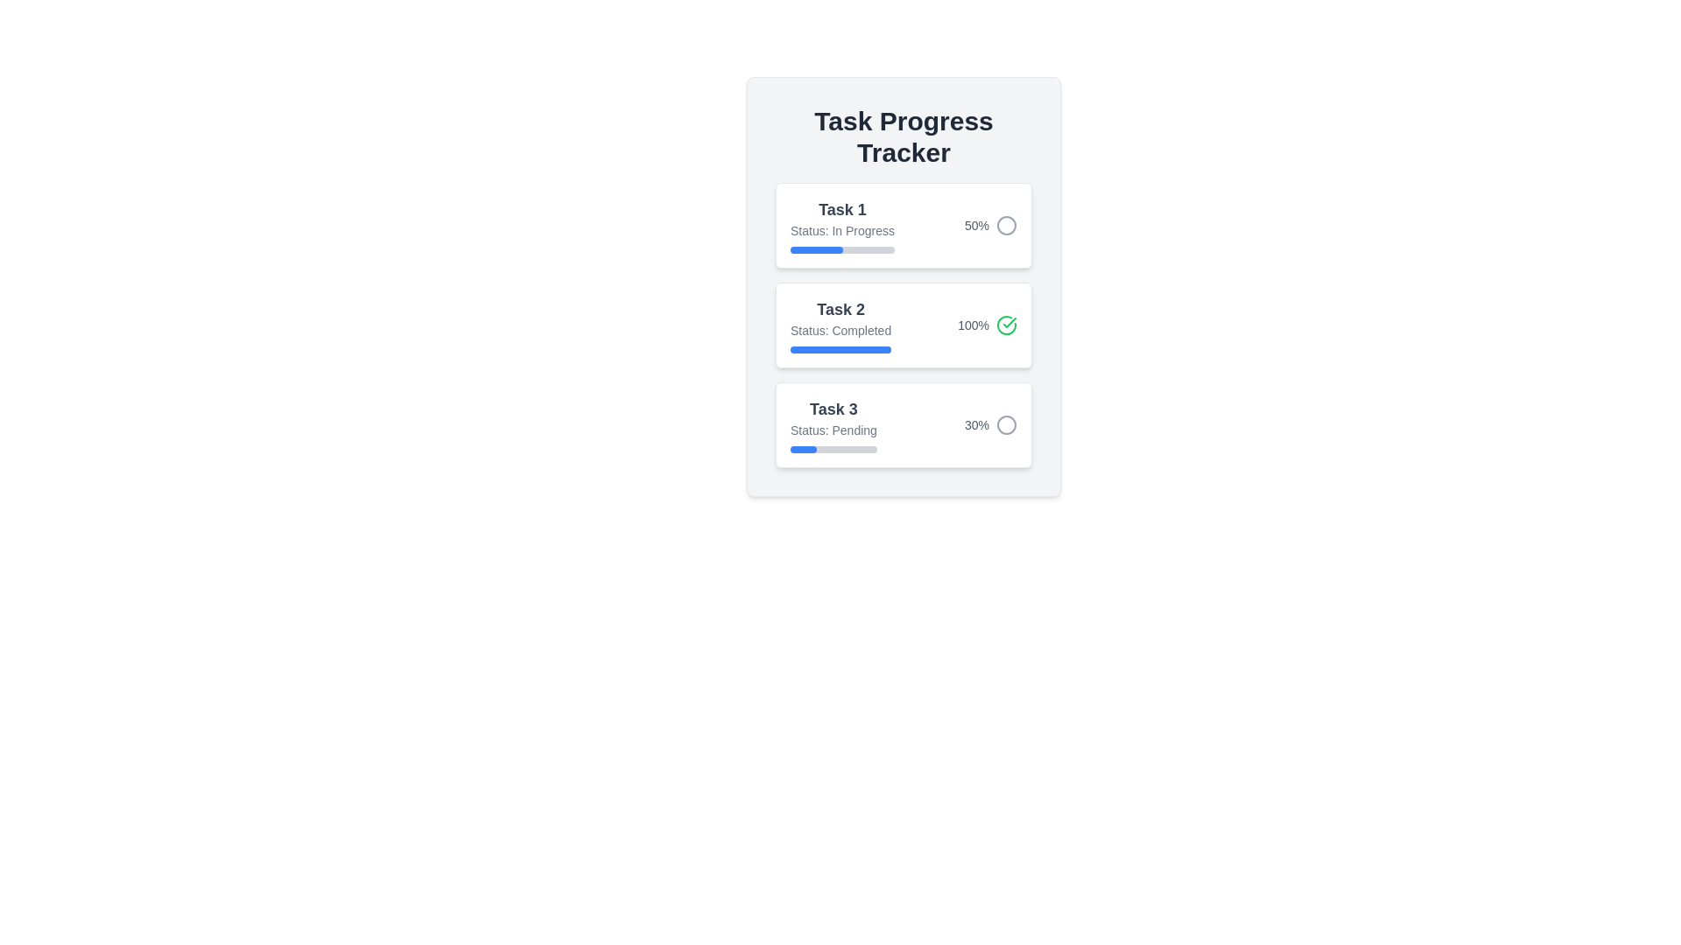 The height and width of the screenshot is (945, 1681). I want to click on the progress status of the Progress bar segment indicating 30% completion for Task 3 in the 'Task Progress Tracker' interface, so click(802, 448).